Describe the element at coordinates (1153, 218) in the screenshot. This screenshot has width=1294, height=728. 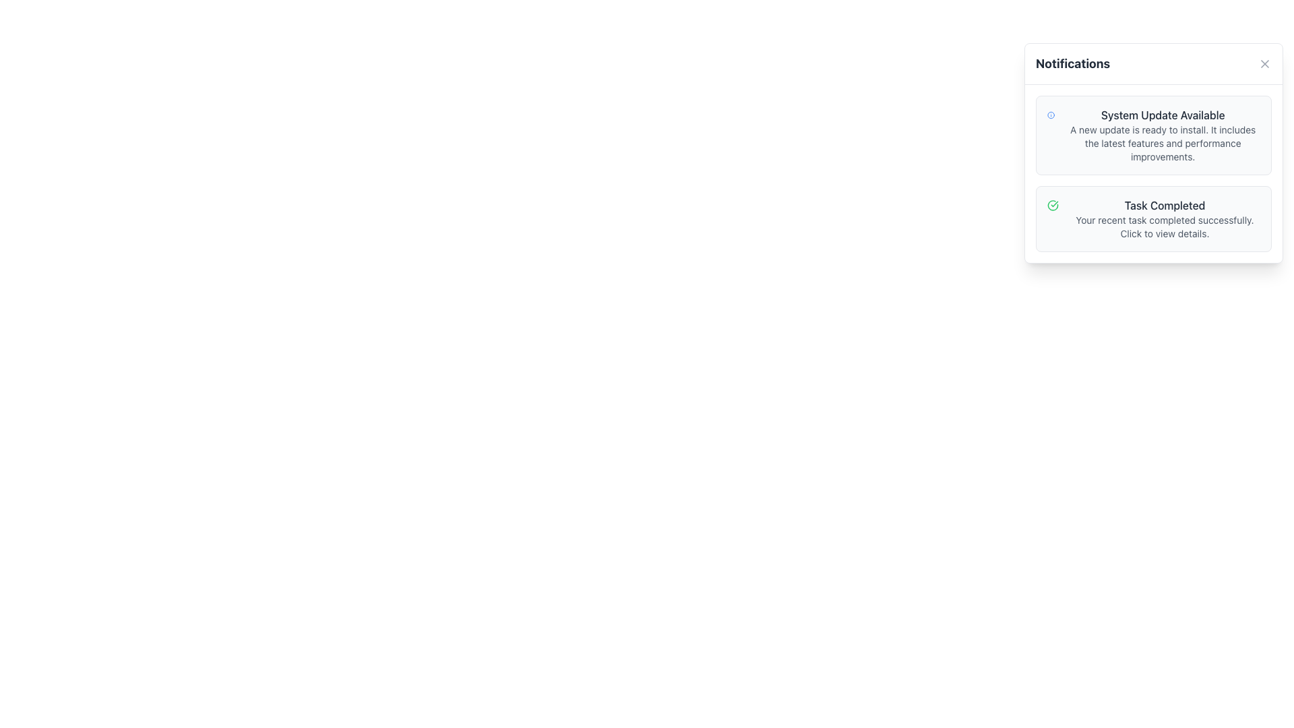
I see `the notification box with a light gray background and the text 'Task Completed'` at that location.